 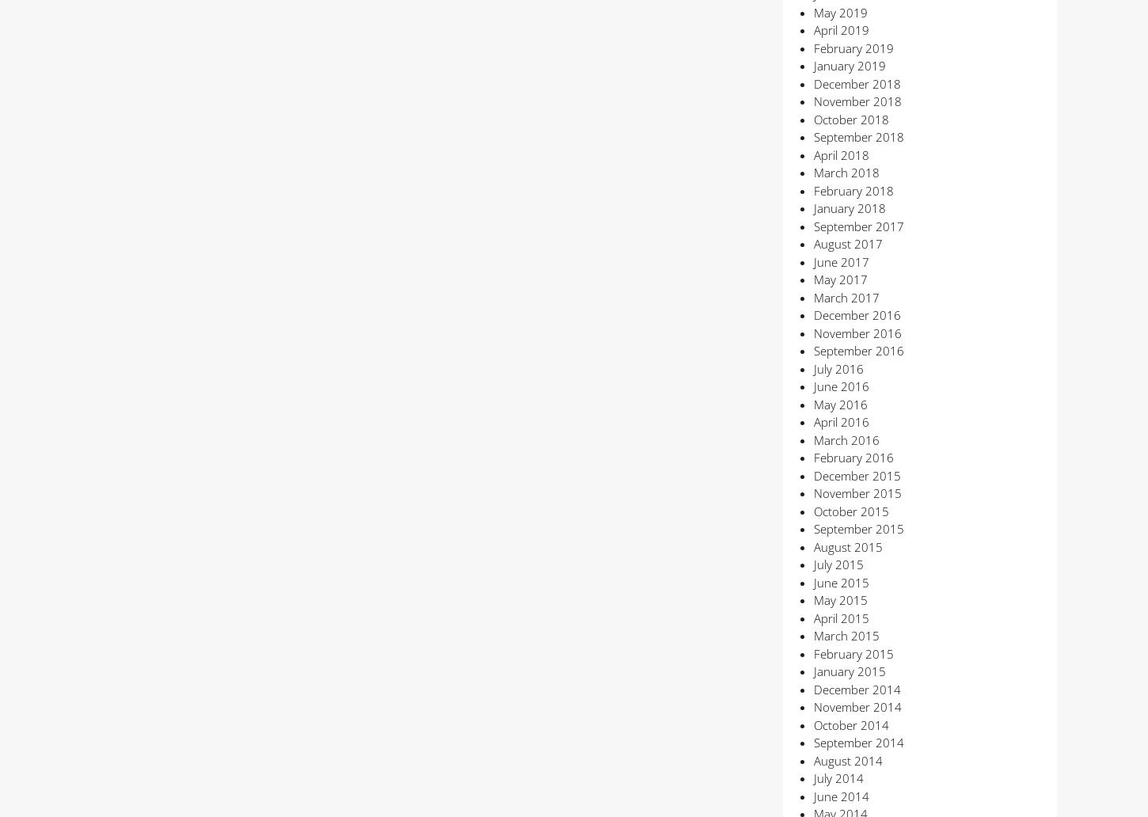 What do you see at coordinates (839, 599) in the screenshot?
I see `'May 2015'` at bounding box center [839, 599].